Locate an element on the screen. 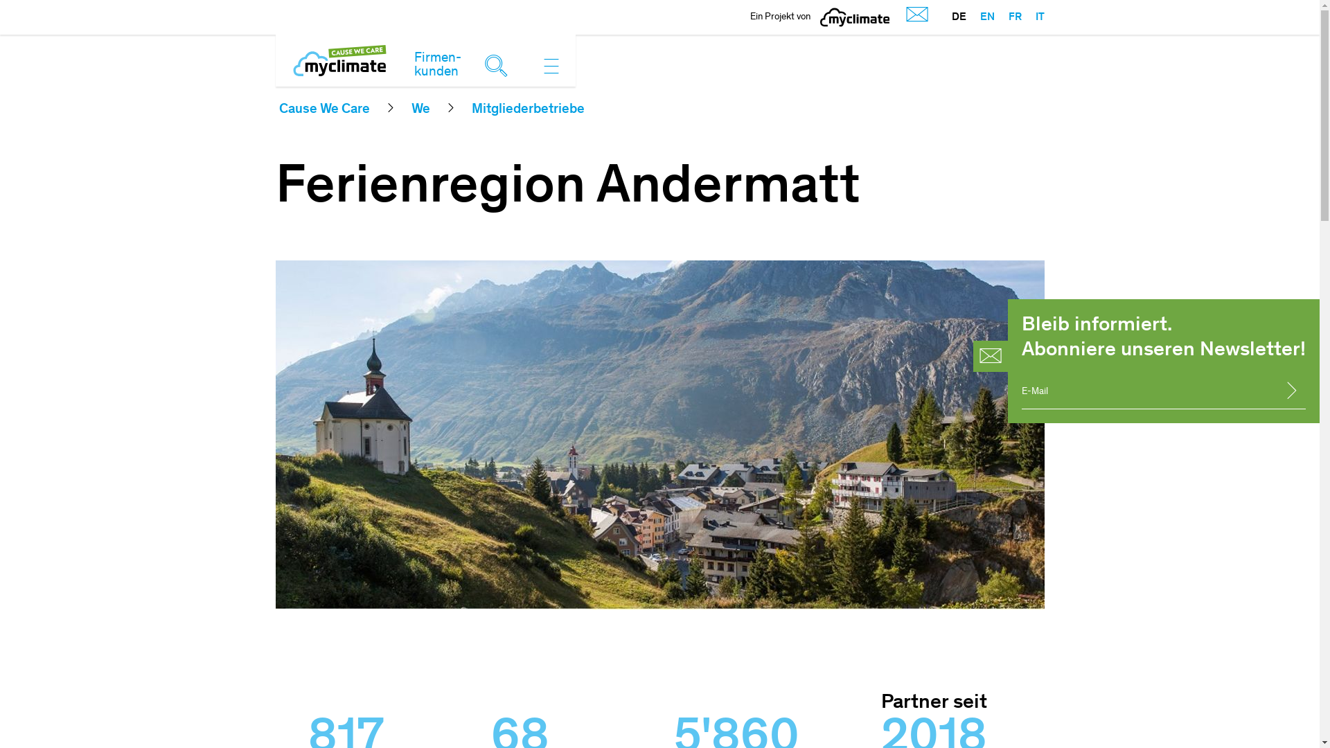 The height and width of the screenshot is (748, 1330). 'EN' is located at coordinates (979, 17).